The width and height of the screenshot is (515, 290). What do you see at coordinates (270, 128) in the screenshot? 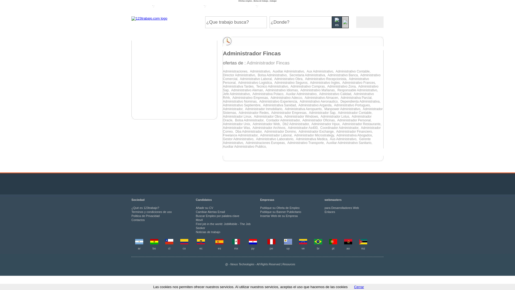
I see `'Administrador Archivos, '` at bounding box center [270, 128].